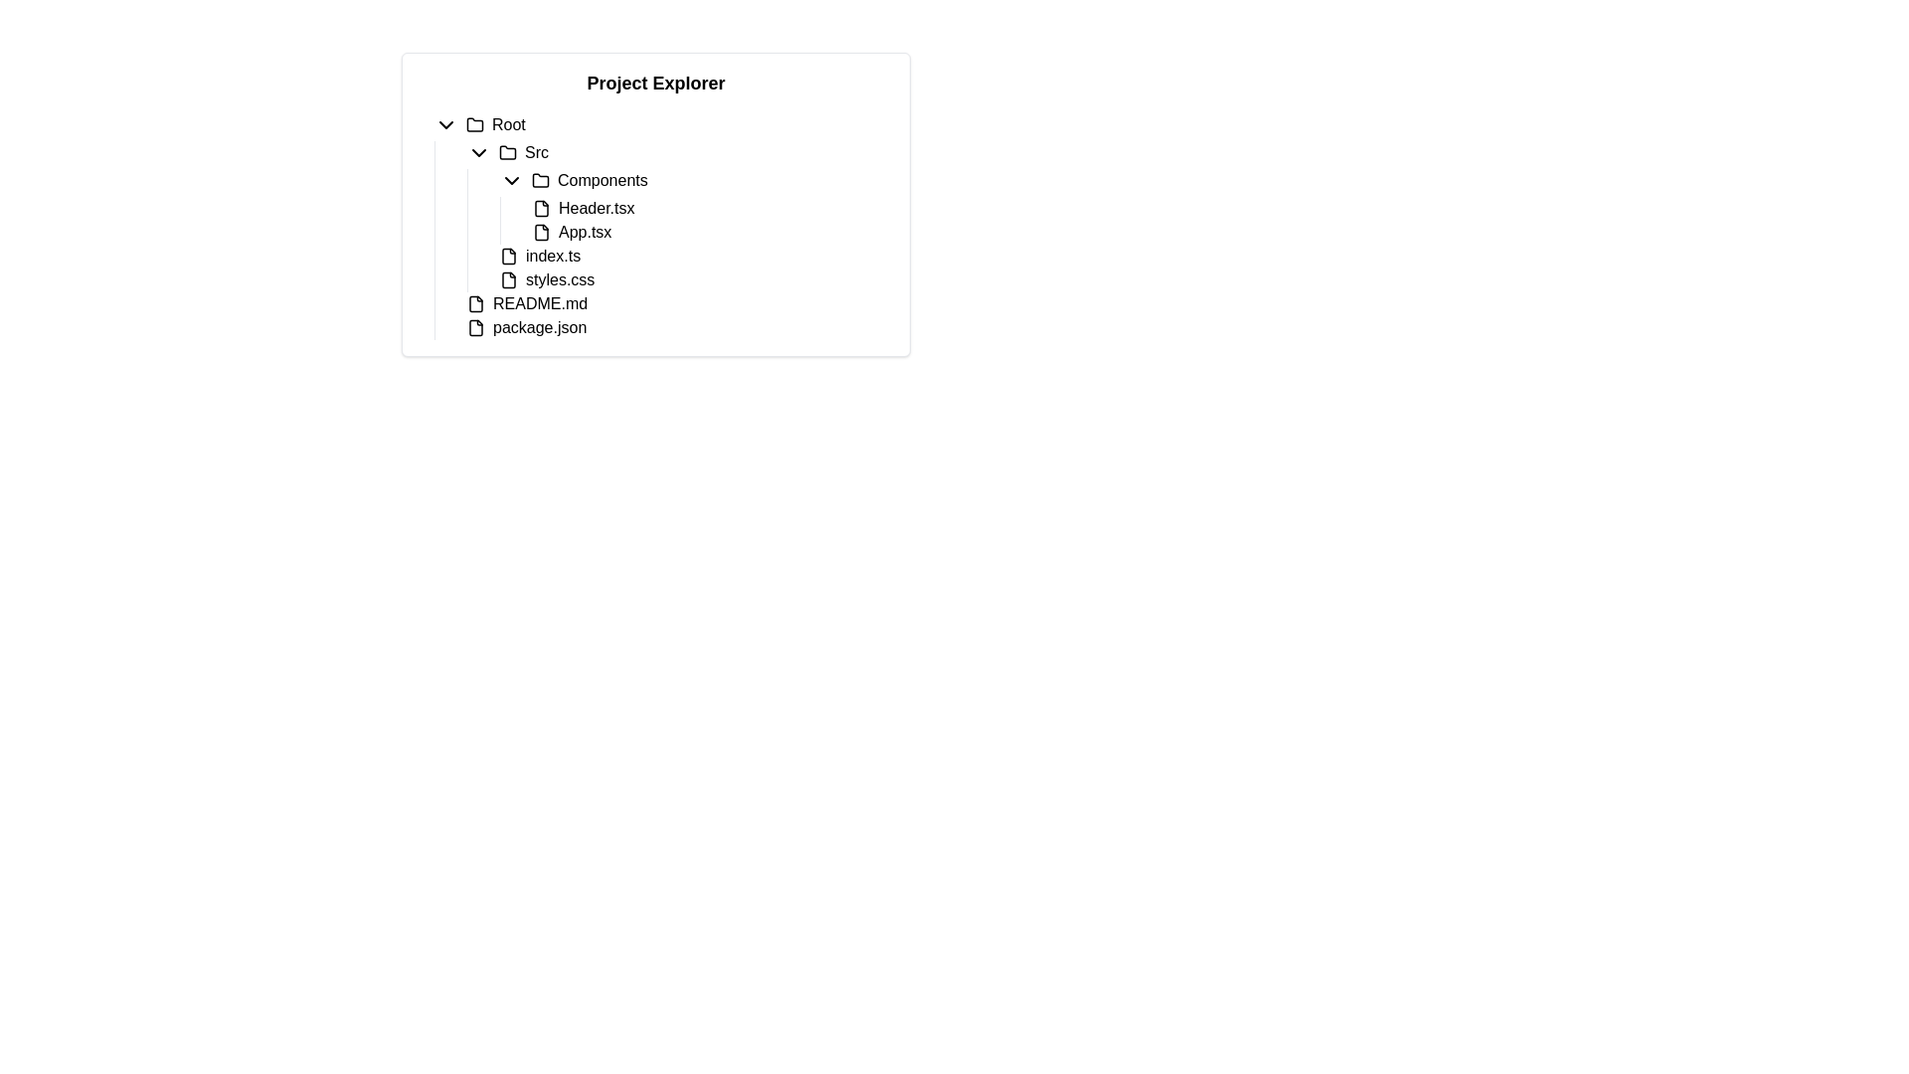 The height and width of the screenshot is (1074, 1909). Describe the element at coordinates (602, 180) in the screenshot. I see `text from the Label element displaying 'Components' located in the project explorer tree structure under 'Root > Src', positioned between the chevron and folder icon above 'Header.tsx' and 'App.tsx'` at that location.